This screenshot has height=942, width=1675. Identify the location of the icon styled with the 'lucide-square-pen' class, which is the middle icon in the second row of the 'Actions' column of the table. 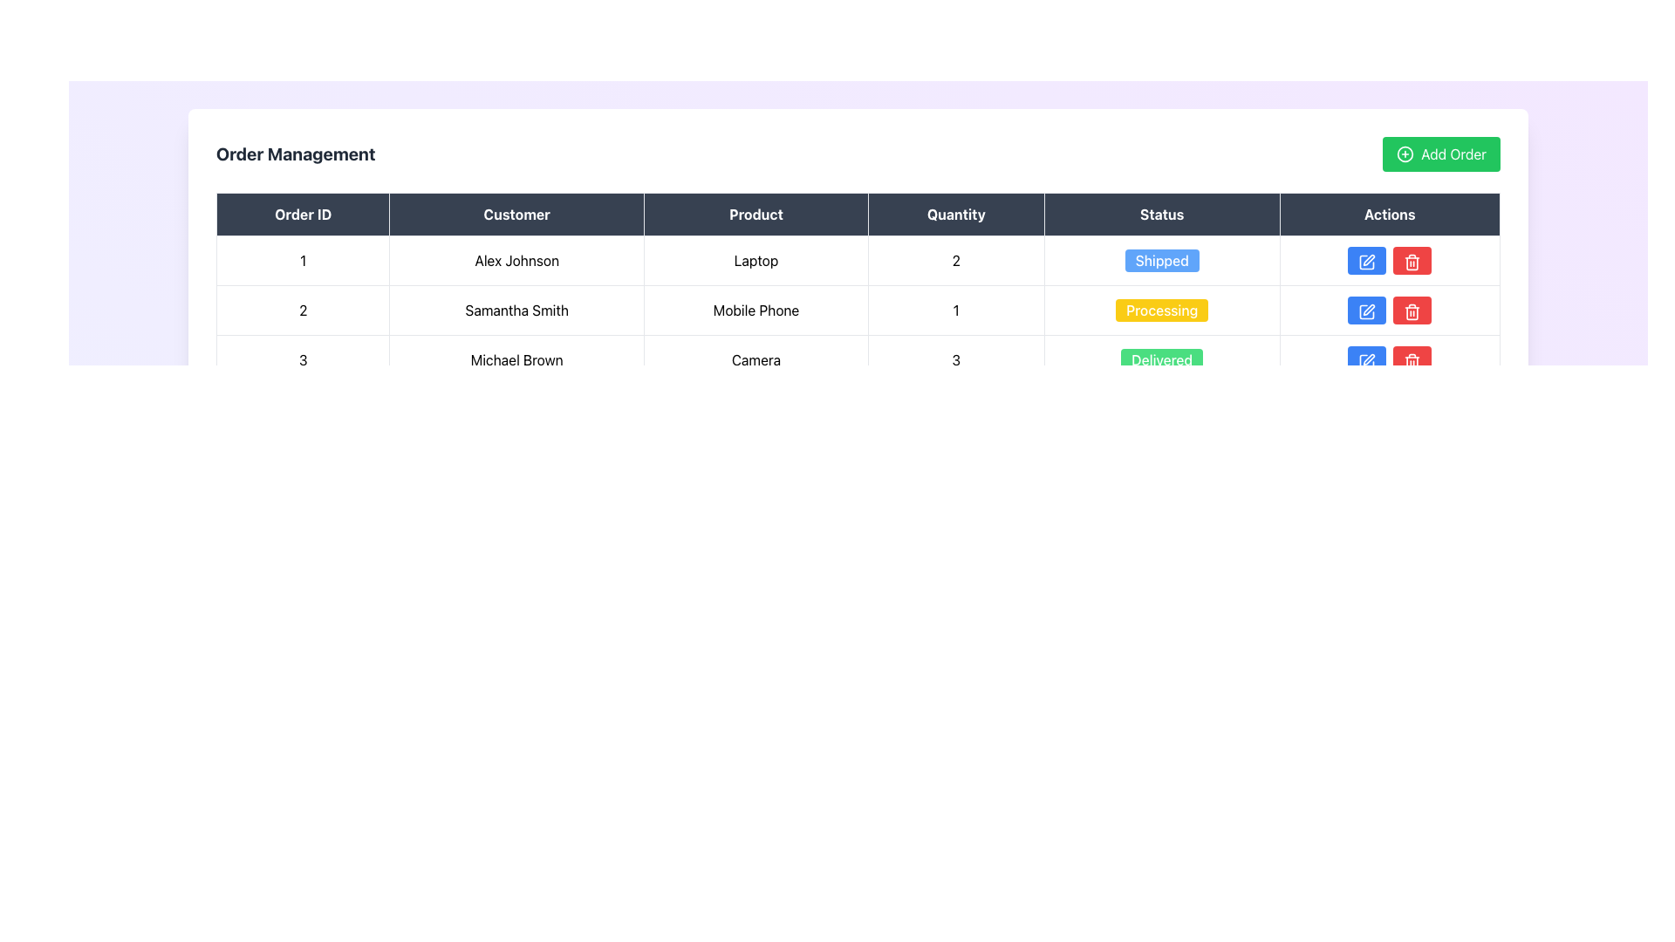
(1366, 311).